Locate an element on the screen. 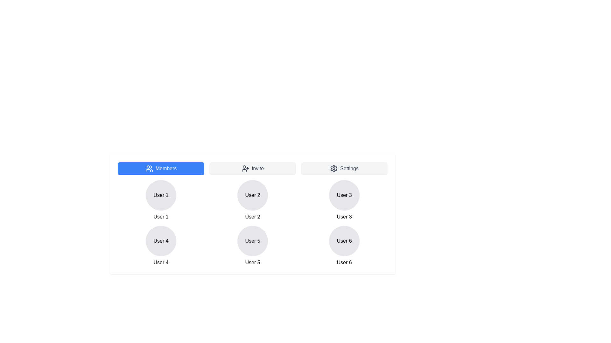 The height and width of the screenshot is (343, 611). the profile representation of 'User 6', which is located at the bottom-right corner of the layout grid, under 'User 3' and next to 'User 5' is located at coordinates (344, 246).